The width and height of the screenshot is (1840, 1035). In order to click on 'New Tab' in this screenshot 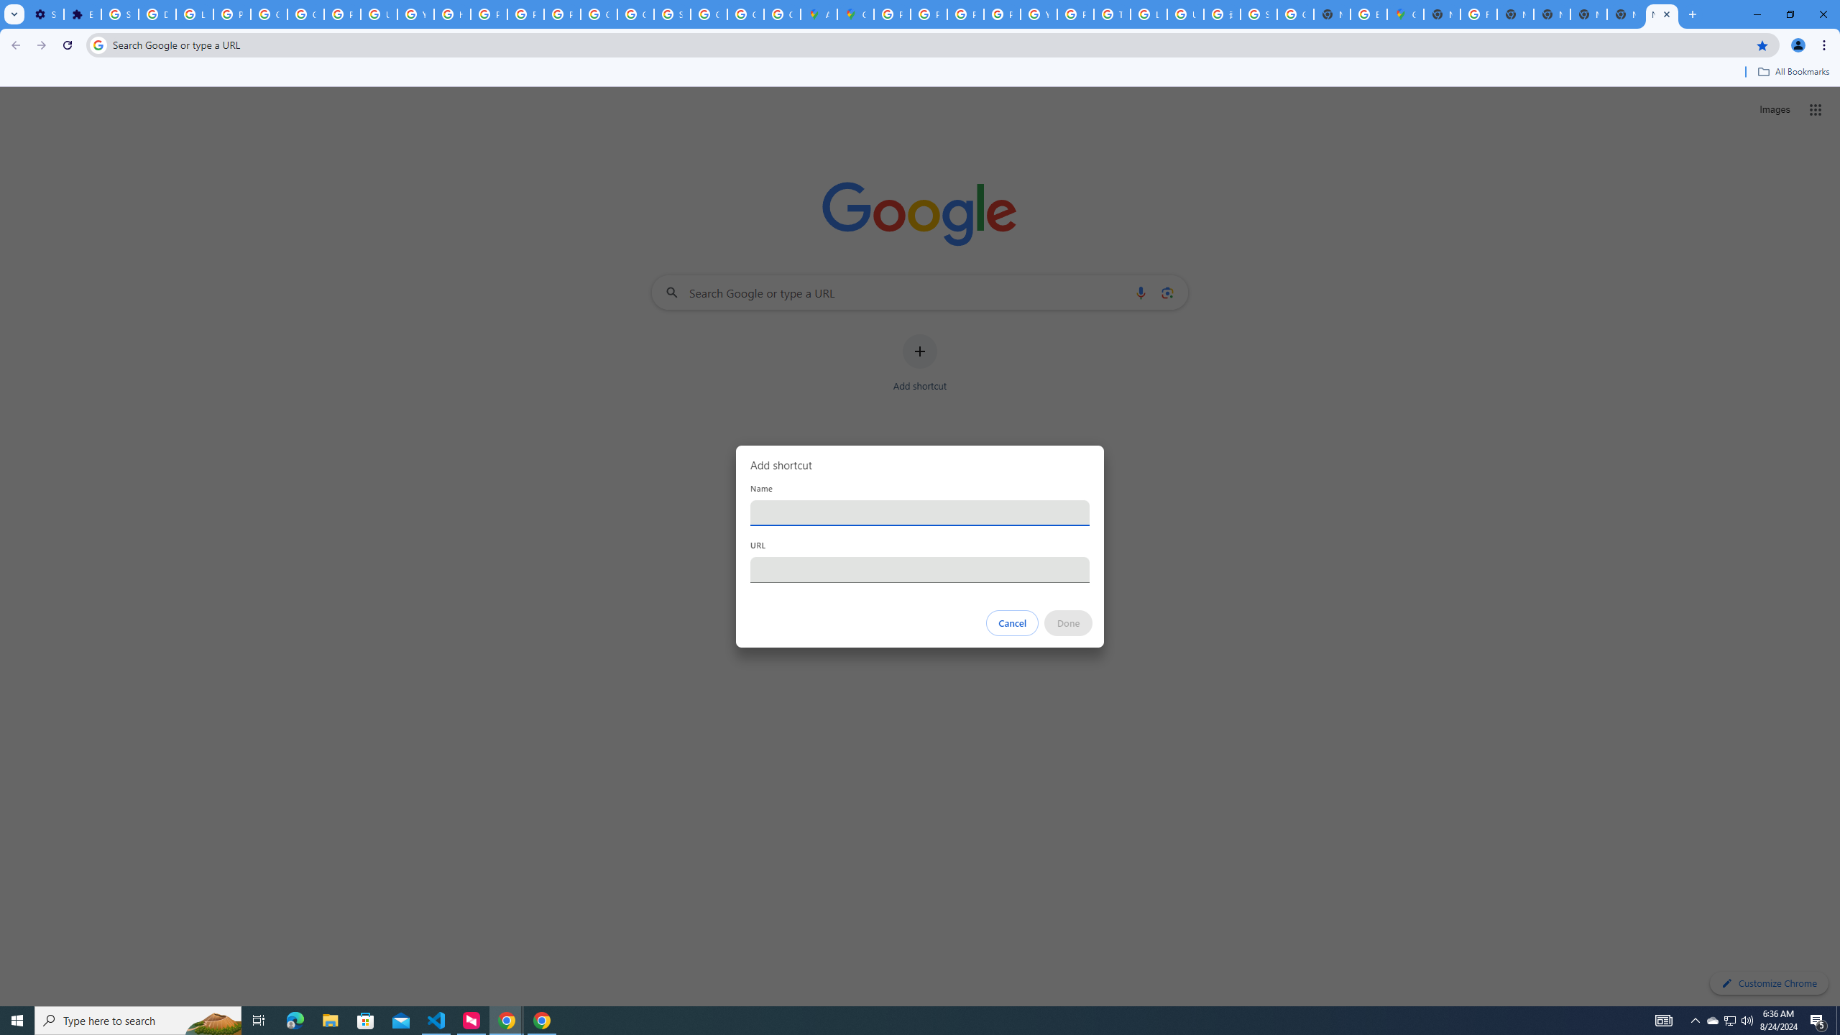, I will do `click(1661, 14)`.